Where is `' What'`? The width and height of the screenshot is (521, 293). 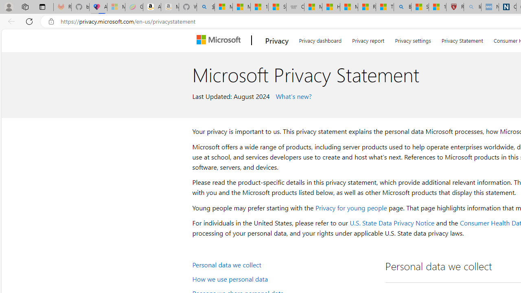
' What' is located at coordinates (292, 95).